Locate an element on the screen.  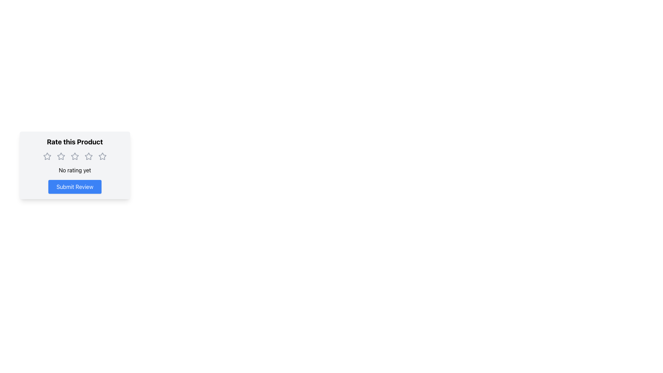
the first star icon in the rating system to assign a one-star rating to the product is located at coordinates (61, 156).